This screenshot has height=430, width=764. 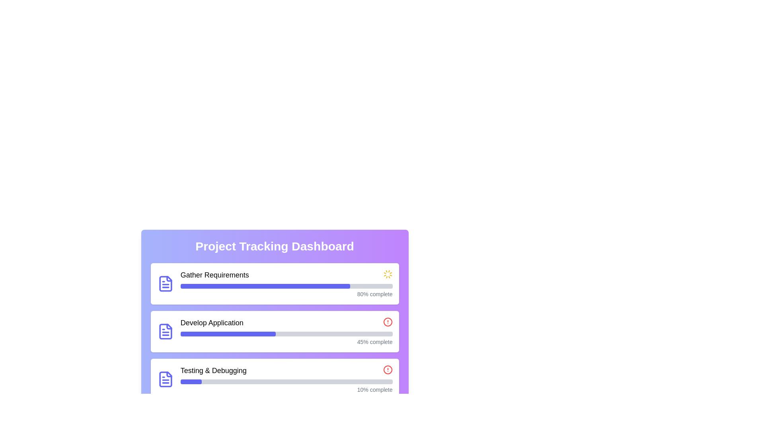 I want to click on the indigo document icon located to the left of the 'Develop Application' text within the rounded white card, so click(x=165, y=332).